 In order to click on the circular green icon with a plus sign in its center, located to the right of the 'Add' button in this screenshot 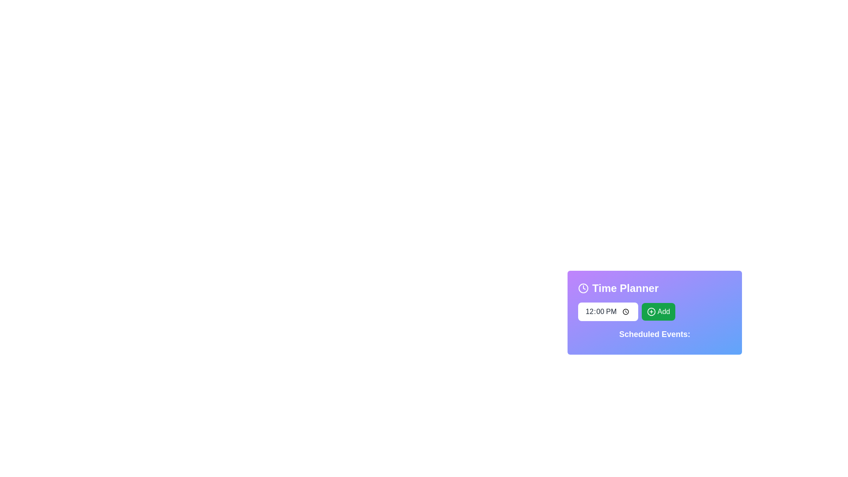, I will do `click(651, 311)`.